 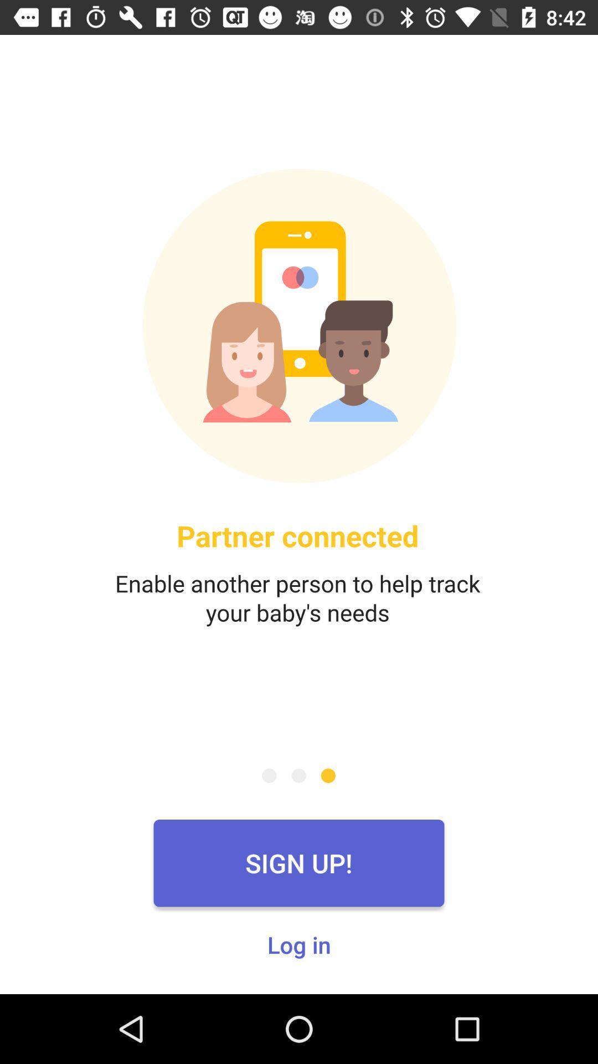 What do you see at coordinates (299, 944) in the screenshot?
I see `icon below the sign up! item` at bounding box center [299, 944].